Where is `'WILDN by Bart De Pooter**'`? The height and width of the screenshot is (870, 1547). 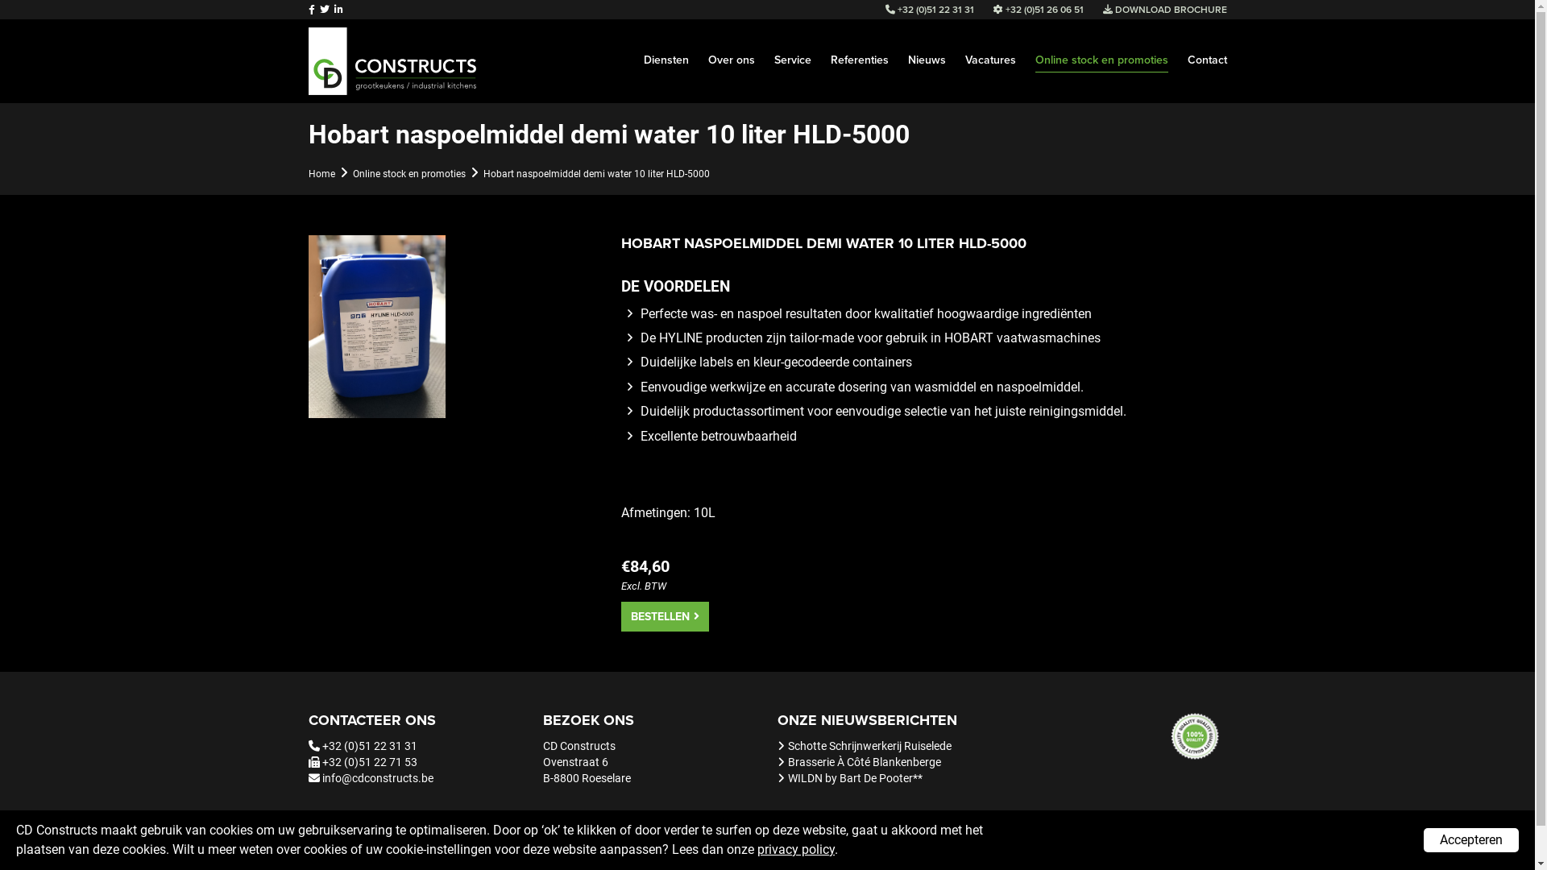 'WILDN by Bart De Pooter**' is located at coordinates (854, 777).